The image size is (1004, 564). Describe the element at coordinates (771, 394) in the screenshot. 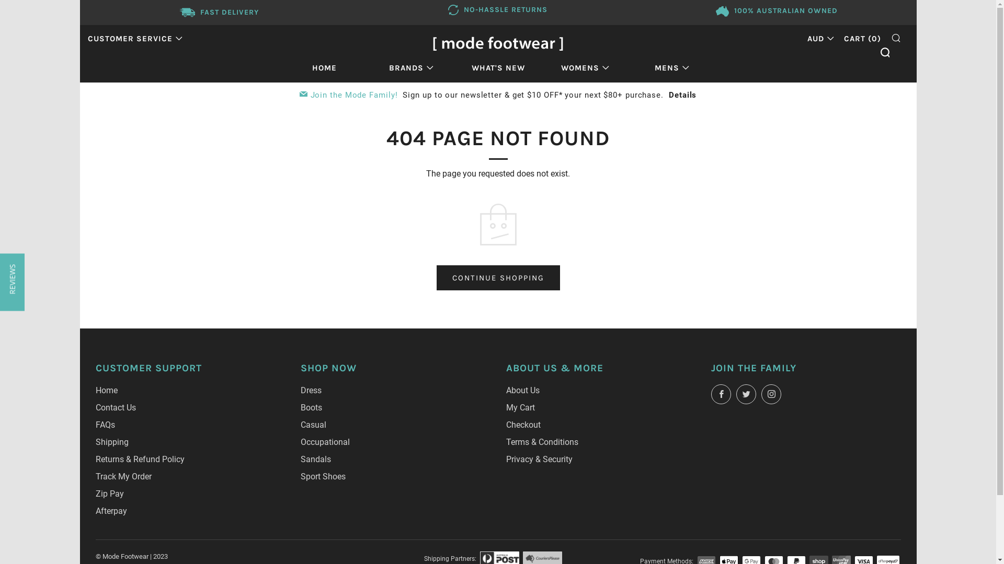

I see `'Instagram'` at that location.